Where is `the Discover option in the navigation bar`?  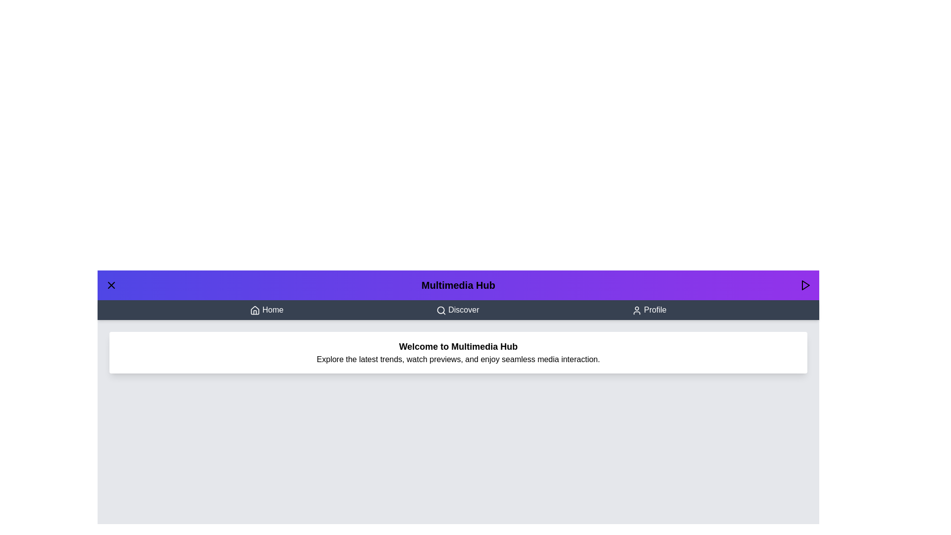
the Discover option in the navigation bar is located at coordinates (457, 309).